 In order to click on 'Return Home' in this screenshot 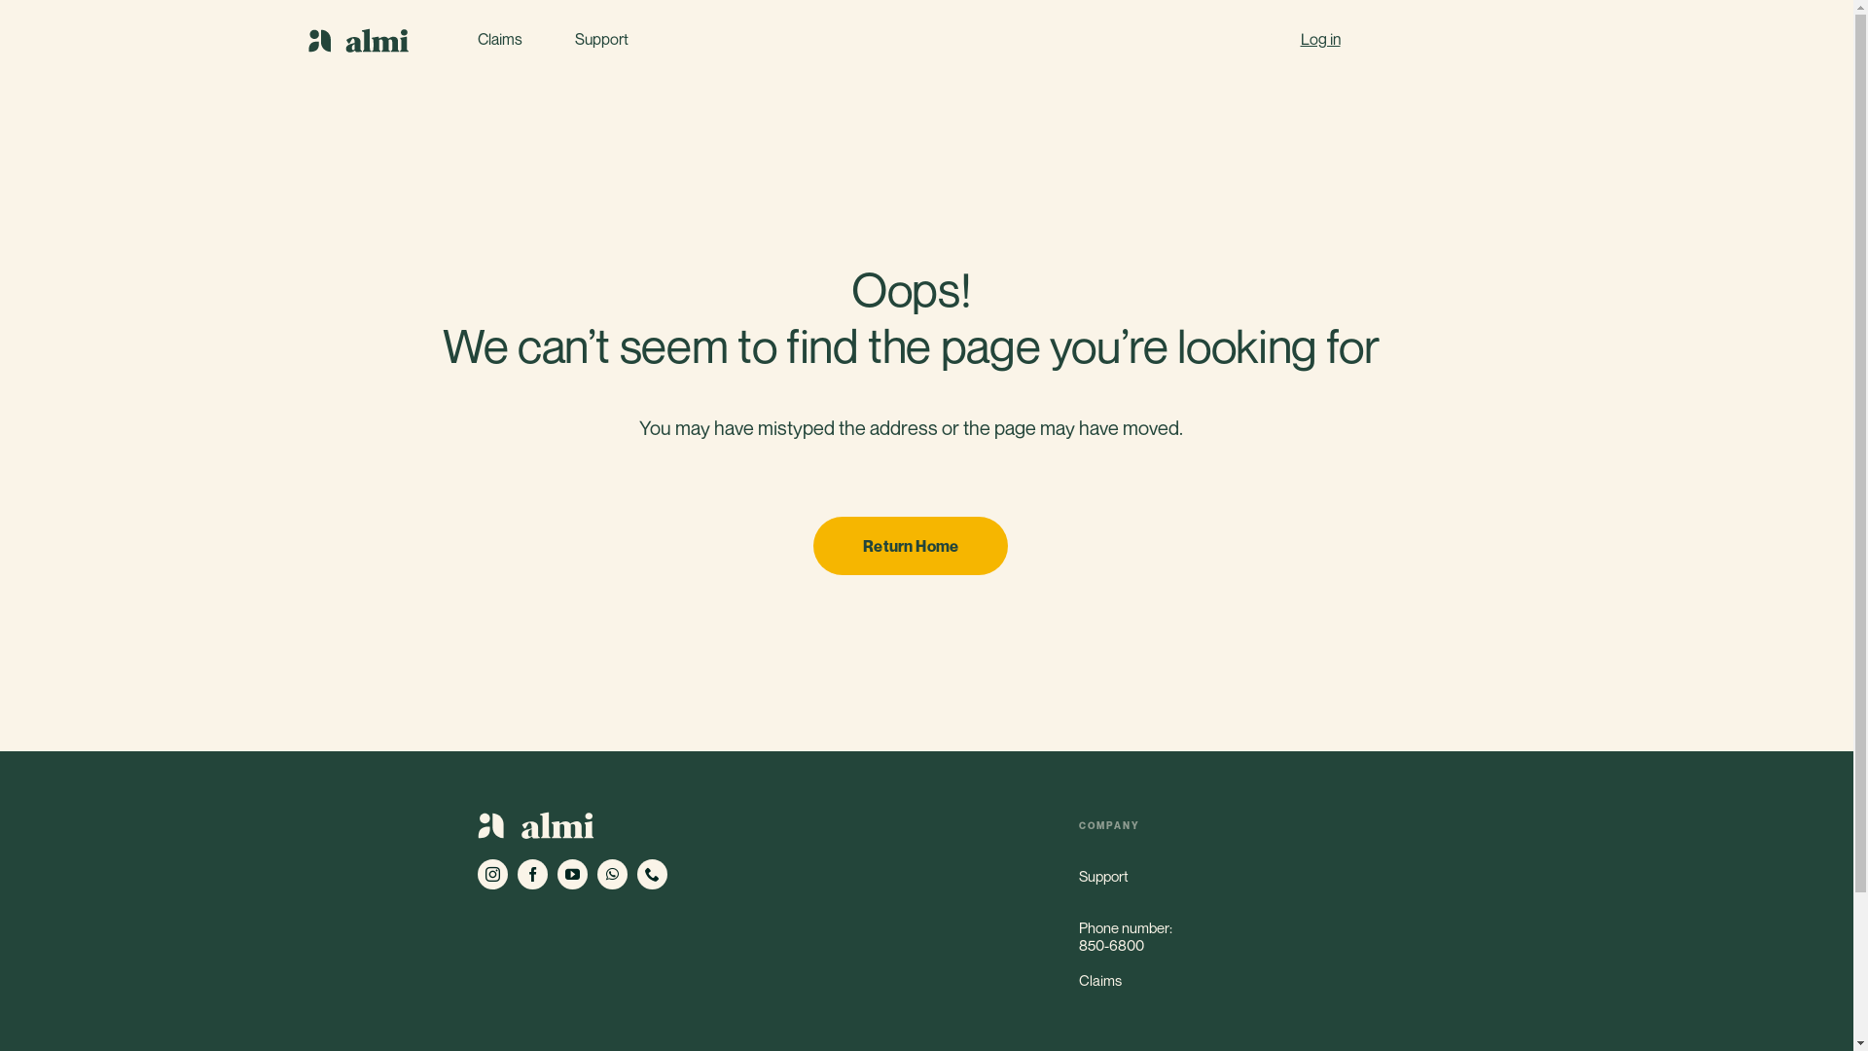, I will do `click(910, 545)`.